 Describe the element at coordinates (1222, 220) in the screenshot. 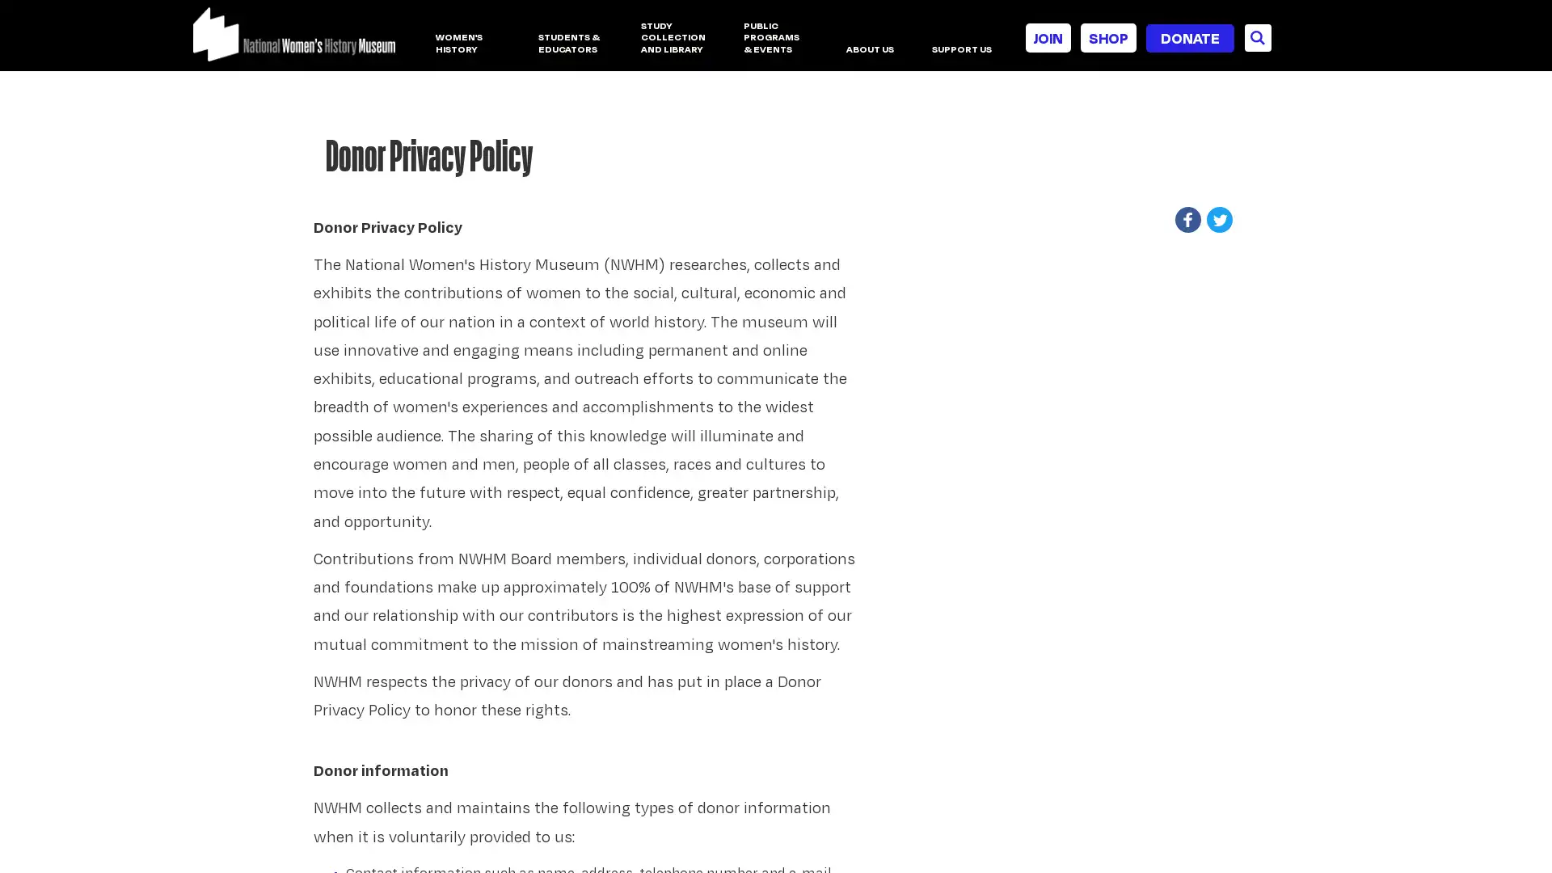

I see `Share to Twitter` at that location.